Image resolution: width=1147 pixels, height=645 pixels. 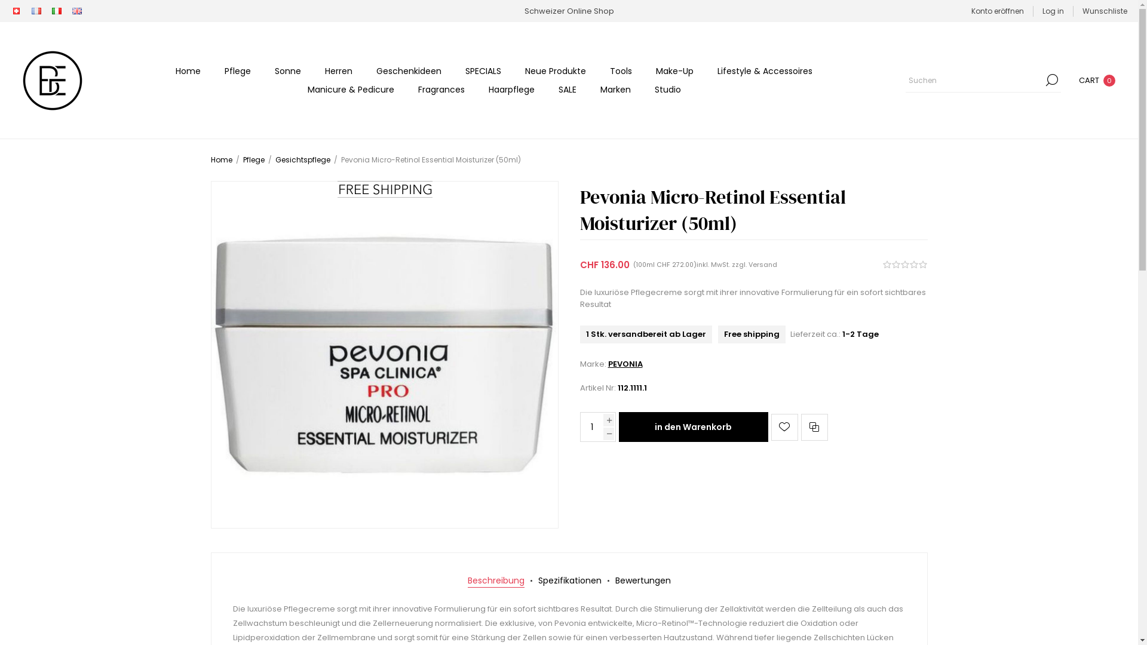 What do you see at coordinates (384, 354) in the screenshot?
I see `'Bild von Pevonia Micro-Retinol Essential Moisturizer (50ml)'` at bounding box center [384, 354].